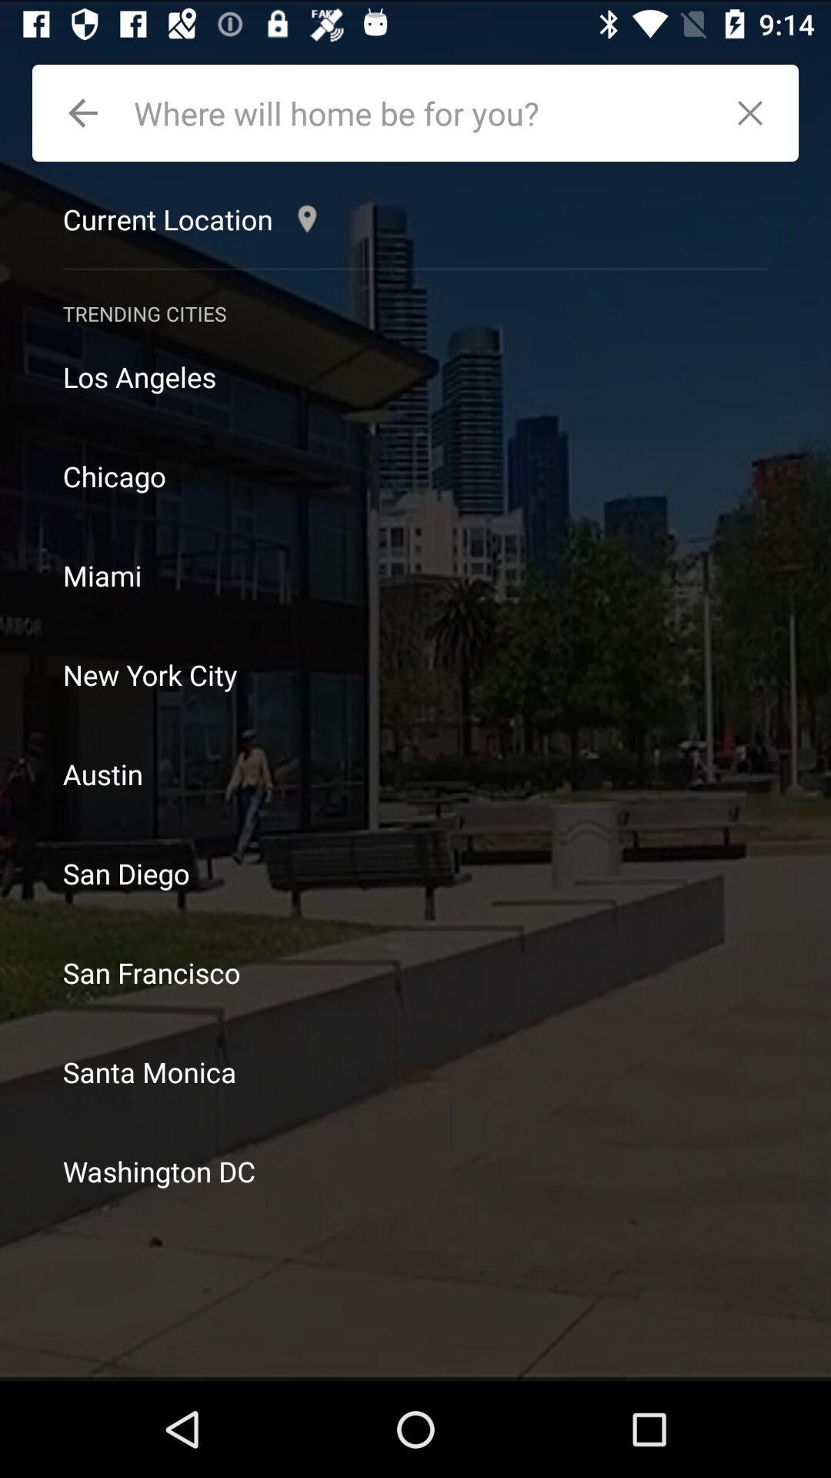  Describe the element at coordinates (83, 112) in the screenshot. I see `the item above current location icon` at that location.